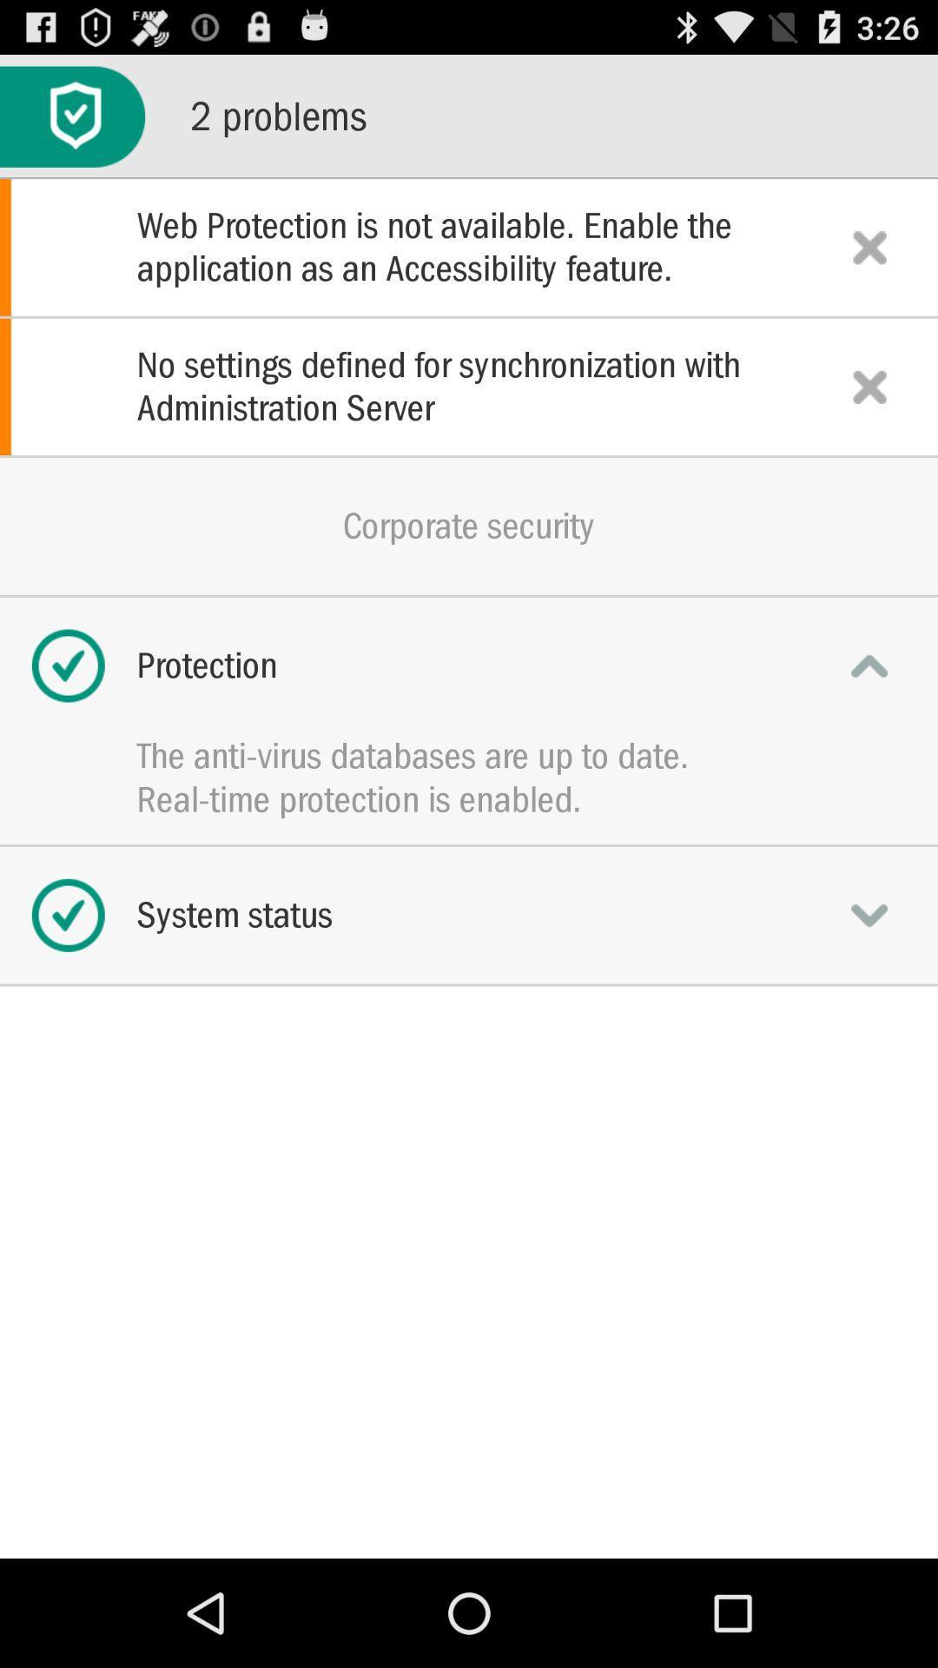 The height and width of the screenshot is (1668, 938). I want to click on system status switch, so click(869, 914).